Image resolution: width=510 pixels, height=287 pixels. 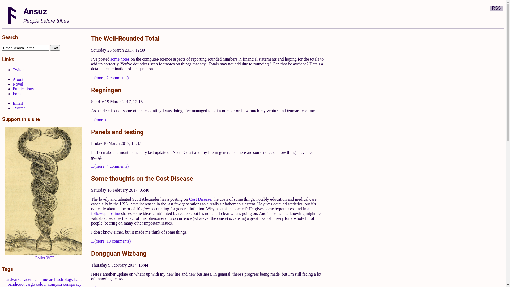 I want to click on 'Ansuz', so click(x=35, y=11).